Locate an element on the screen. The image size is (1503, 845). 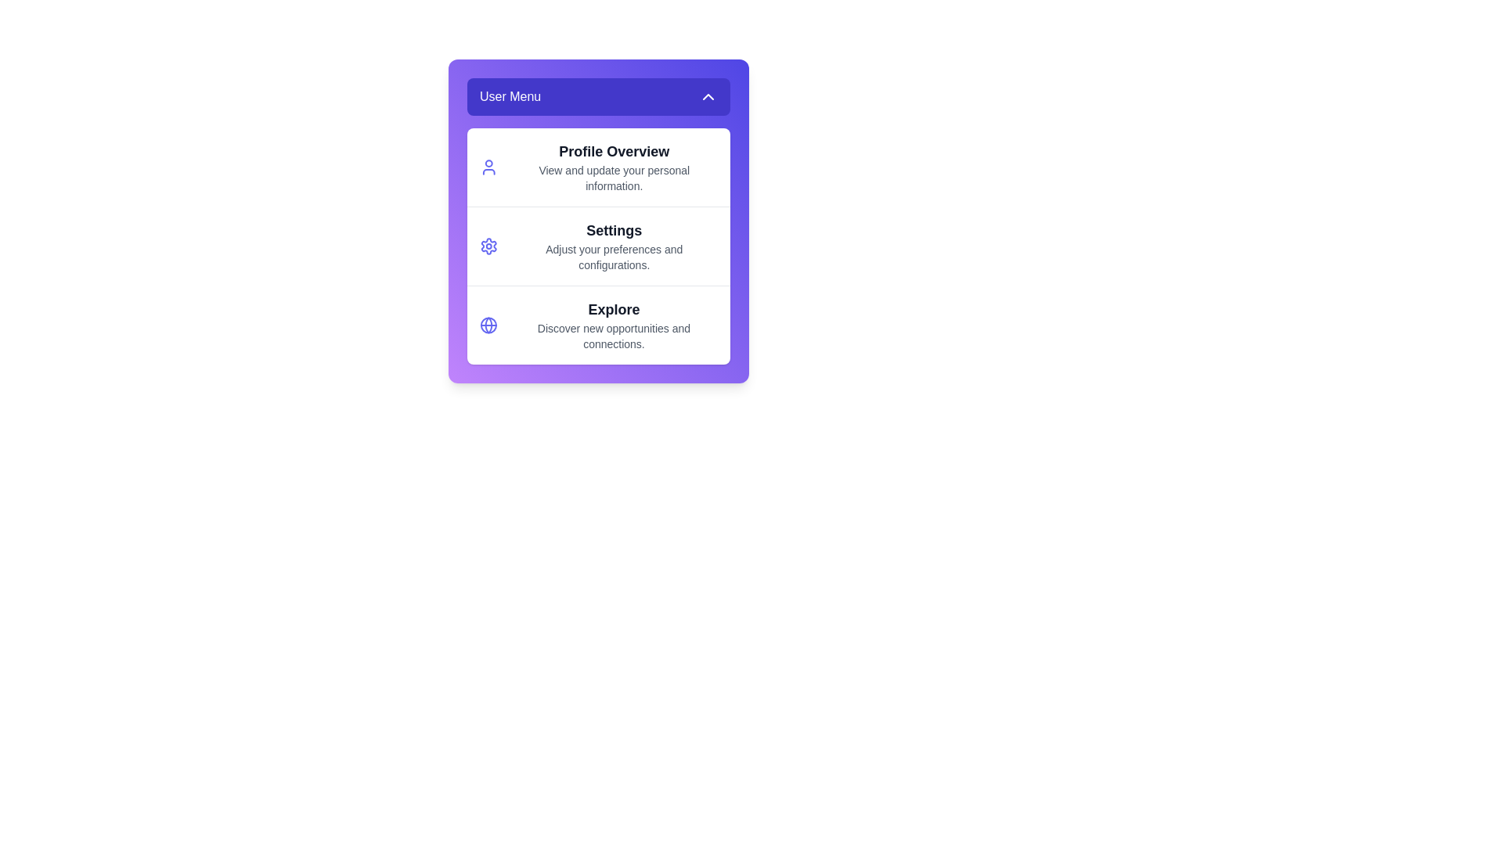
the toggle button located at the top of the vertically aligned purple panel is located at coordinates (597, 96).